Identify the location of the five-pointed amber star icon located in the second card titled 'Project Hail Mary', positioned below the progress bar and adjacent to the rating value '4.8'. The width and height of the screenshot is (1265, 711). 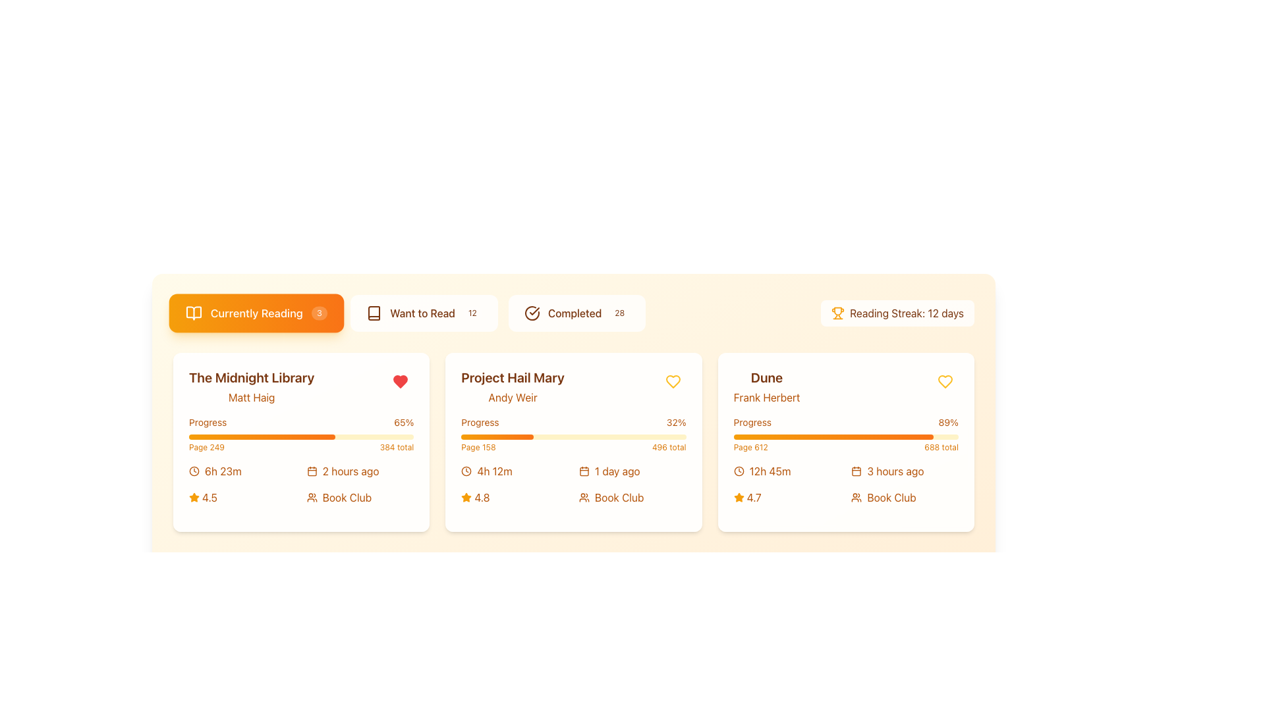
(466, 497).